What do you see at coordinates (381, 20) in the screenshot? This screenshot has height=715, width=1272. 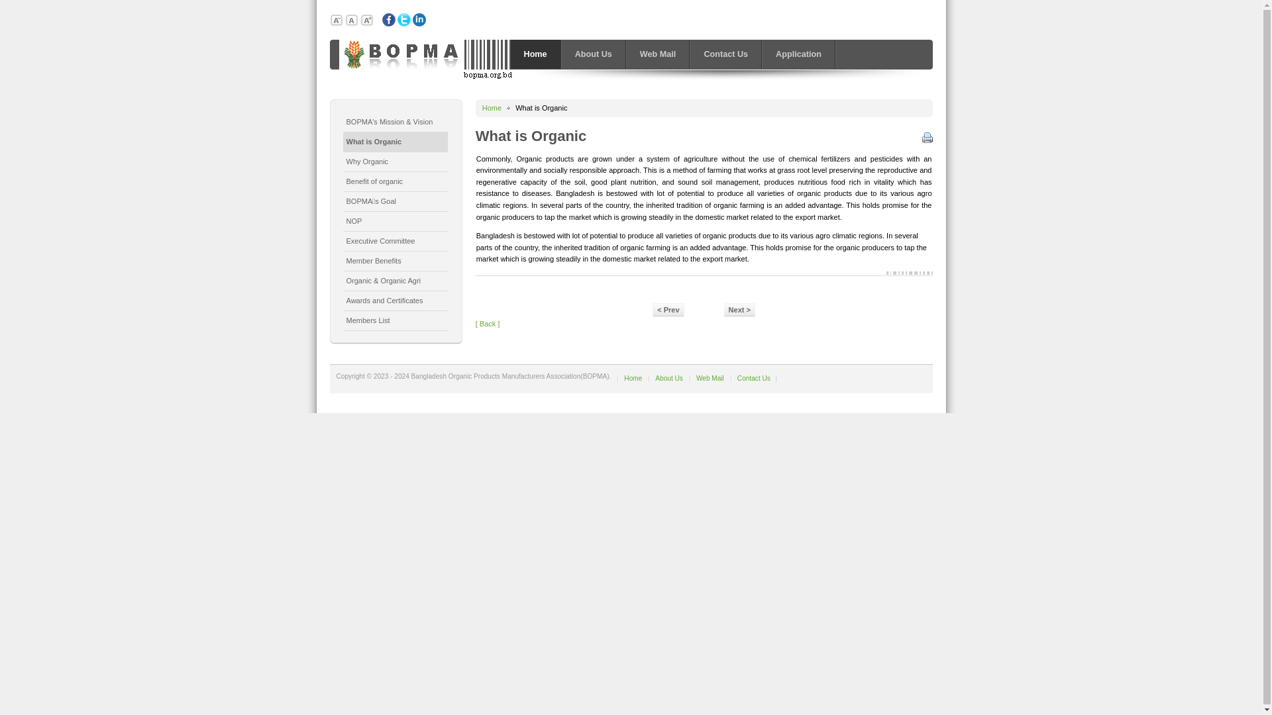 I see `'Facebook'` at bounding box center [381, 20].